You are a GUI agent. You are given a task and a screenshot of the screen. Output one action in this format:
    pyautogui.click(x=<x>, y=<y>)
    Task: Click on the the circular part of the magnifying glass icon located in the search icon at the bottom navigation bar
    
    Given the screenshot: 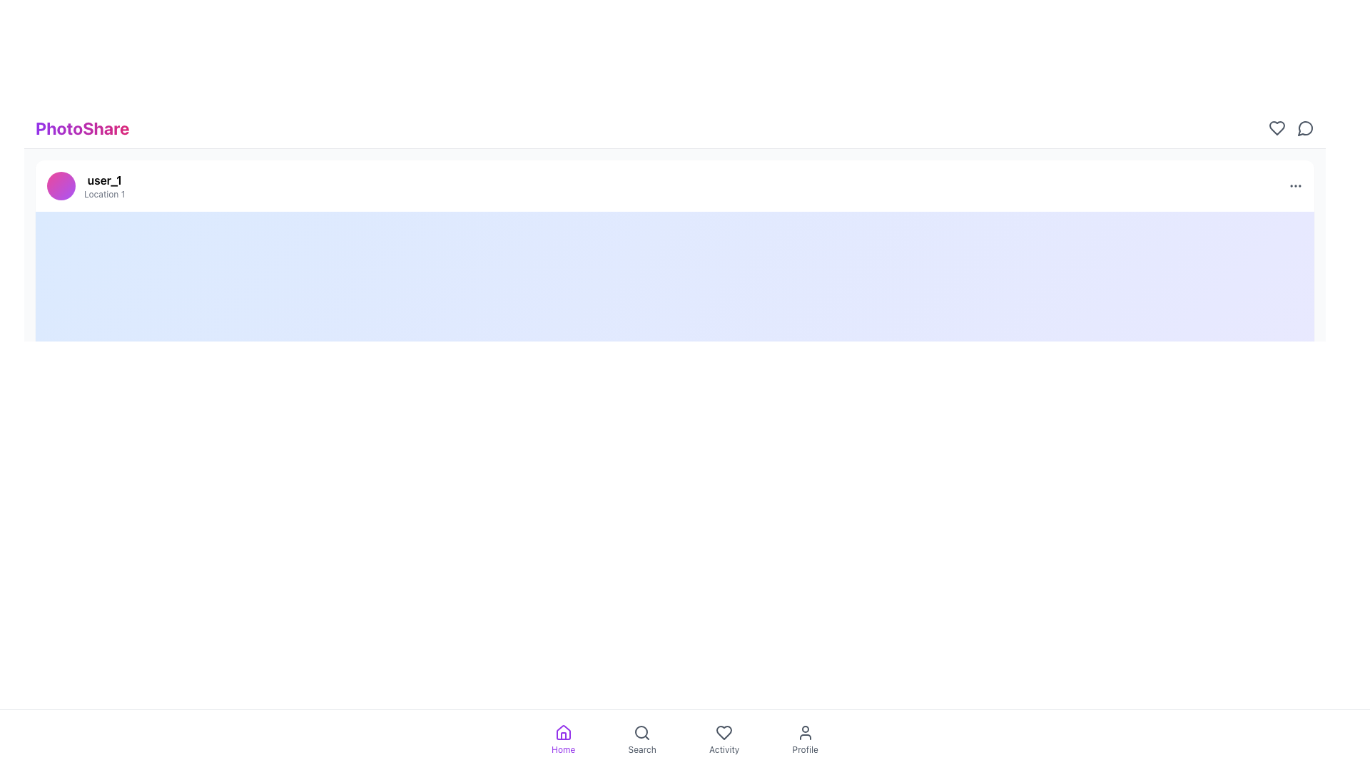 What is the action you would take?
    pyautogui.click(x=641, y=731)
    